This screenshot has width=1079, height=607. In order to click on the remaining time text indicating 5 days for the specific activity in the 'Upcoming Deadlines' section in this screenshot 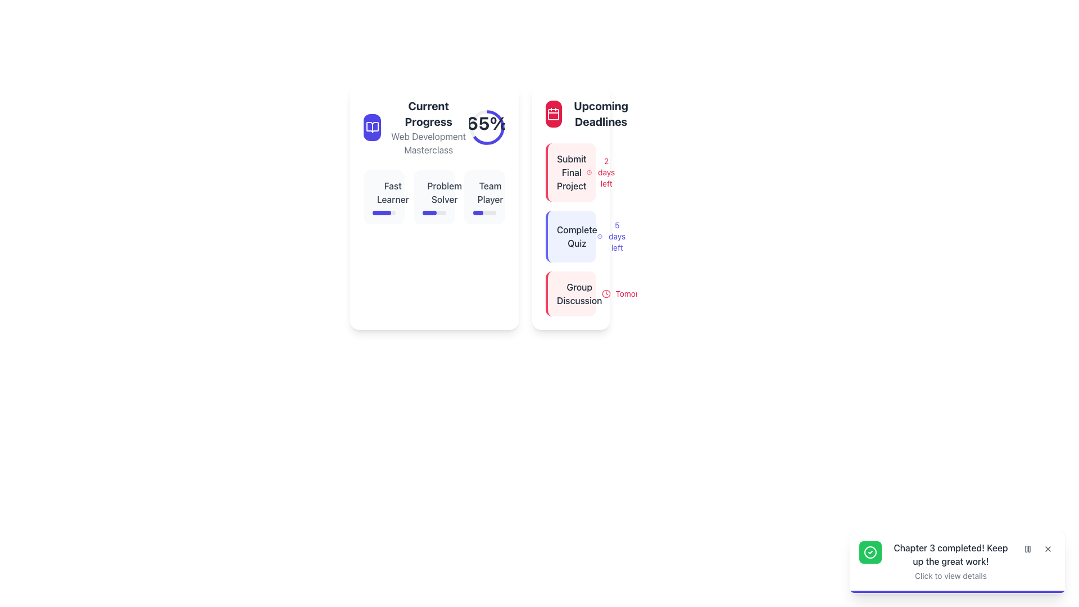, I will do `click(616, 235)`.